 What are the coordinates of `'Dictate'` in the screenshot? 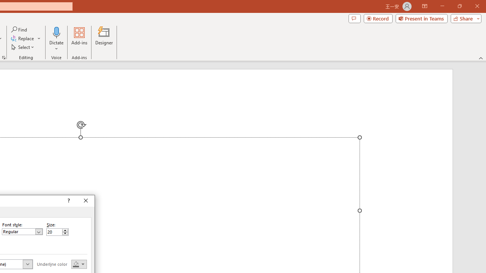 It's located at (56, 39).